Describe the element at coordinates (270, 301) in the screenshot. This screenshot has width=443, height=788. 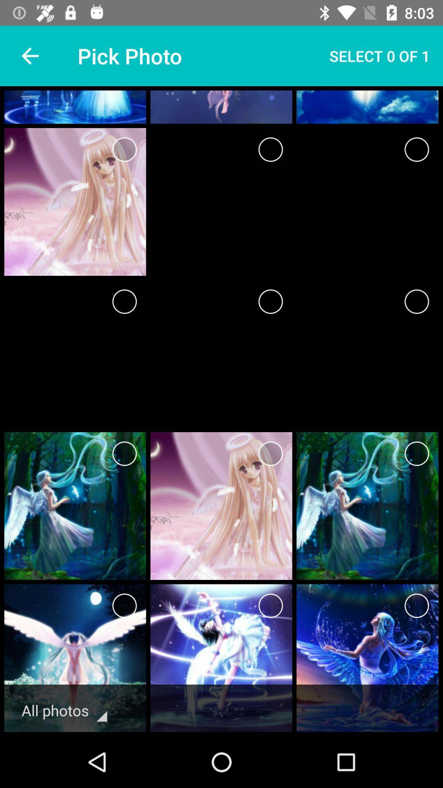
I see `choose a picture` at that location.